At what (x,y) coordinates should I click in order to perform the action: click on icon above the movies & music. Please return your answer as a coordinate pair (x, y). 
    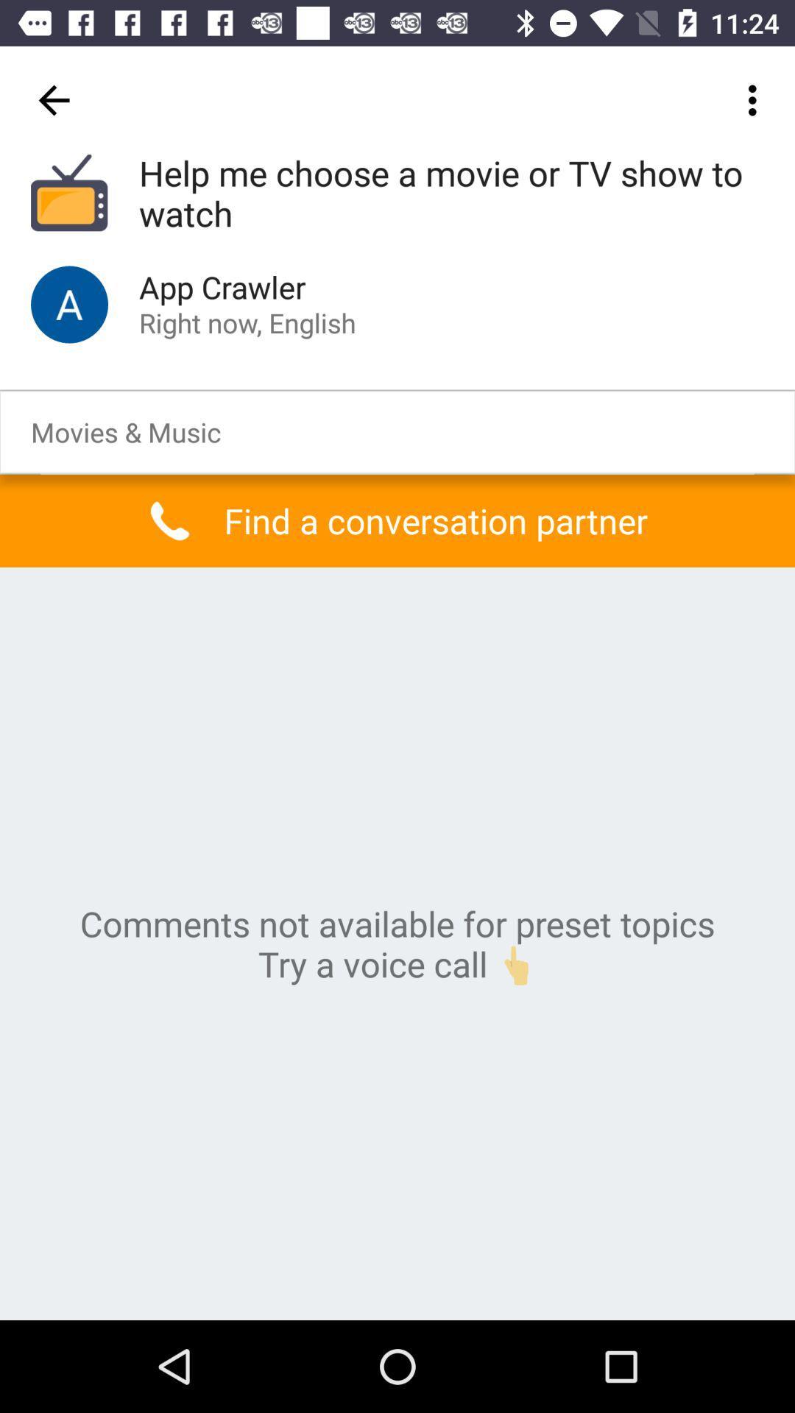
    Looking at the image, I should click on (69, 303).